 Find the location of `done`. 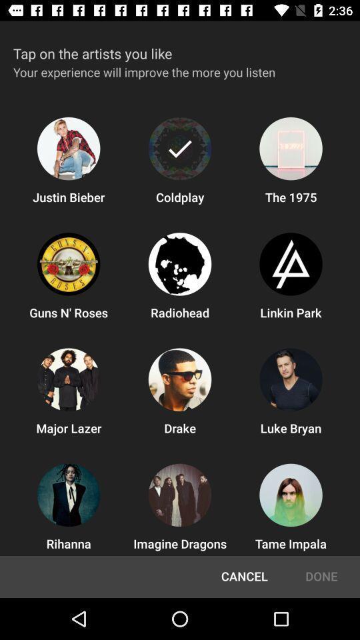

done is located at coordinates (321, 576).